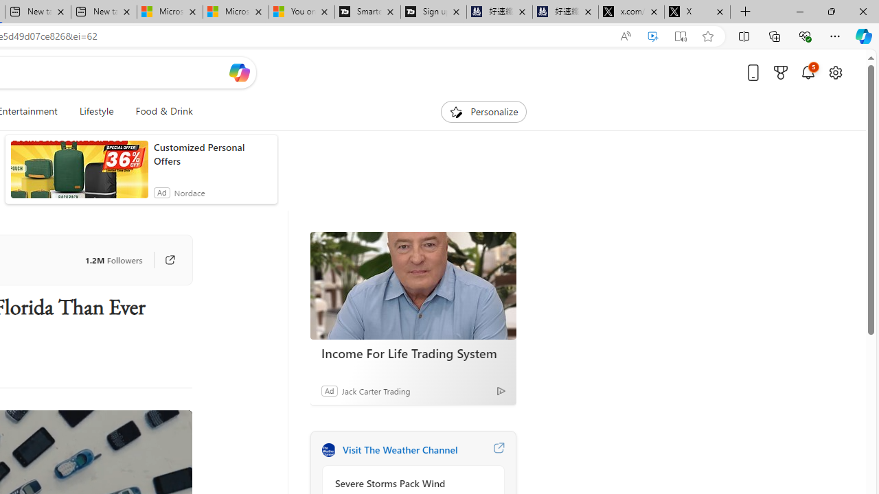 The image size is (879, 494). Describe the element at coordinates (328, 390) in the screenshot. I see `'Ad'` at that location.